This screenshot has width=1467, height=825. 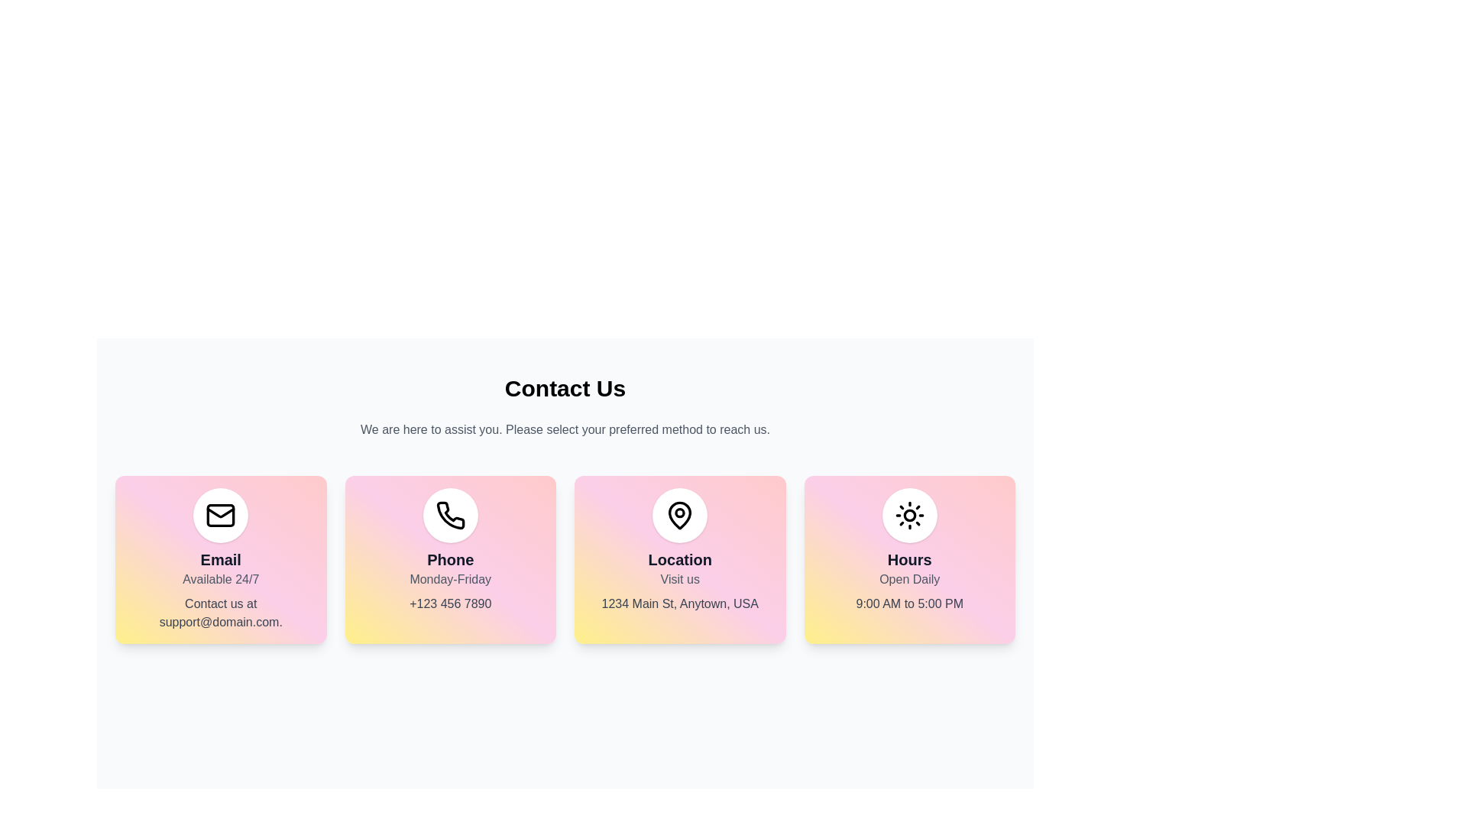 I want to click on the black outlined phone receiver icon located centrally inside the second card labeled 'Phone' in a horizontally aligned grid of four cards, so click(x=449, y=516).